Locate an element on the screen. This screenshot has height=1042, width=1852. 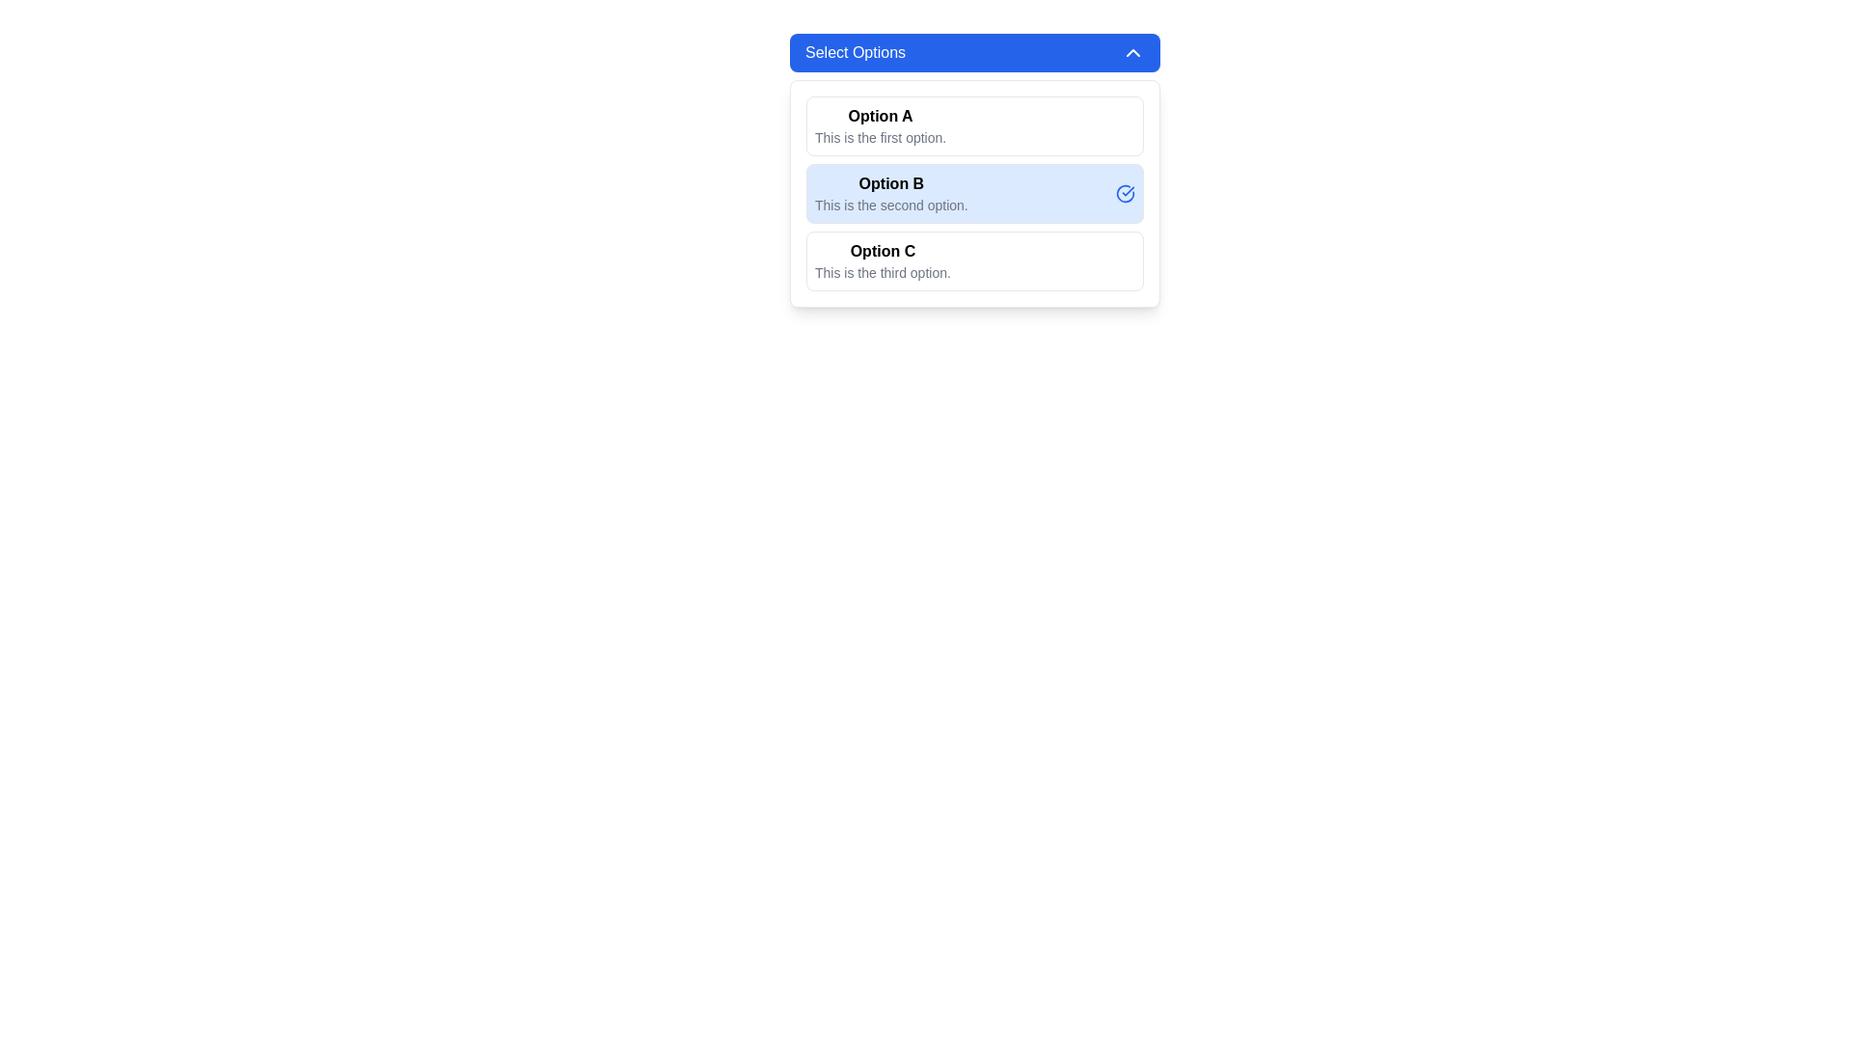
the static text element that provides additional descriptive information related to 'Option A', located below 'Option A' in the 'Select Options' section is located at coordinates (880, 136).